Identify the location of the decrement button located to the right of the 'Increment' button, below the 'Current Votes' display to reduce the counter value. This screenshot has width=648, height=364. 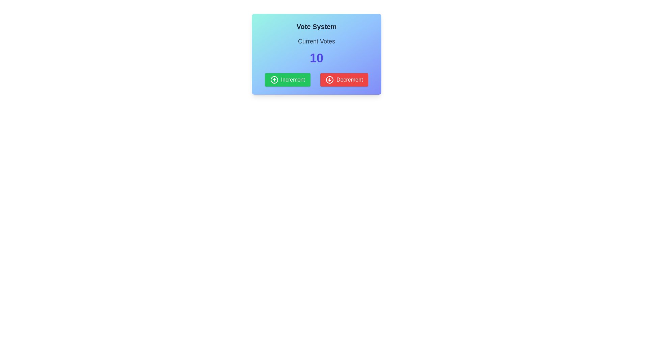
(344, 79).